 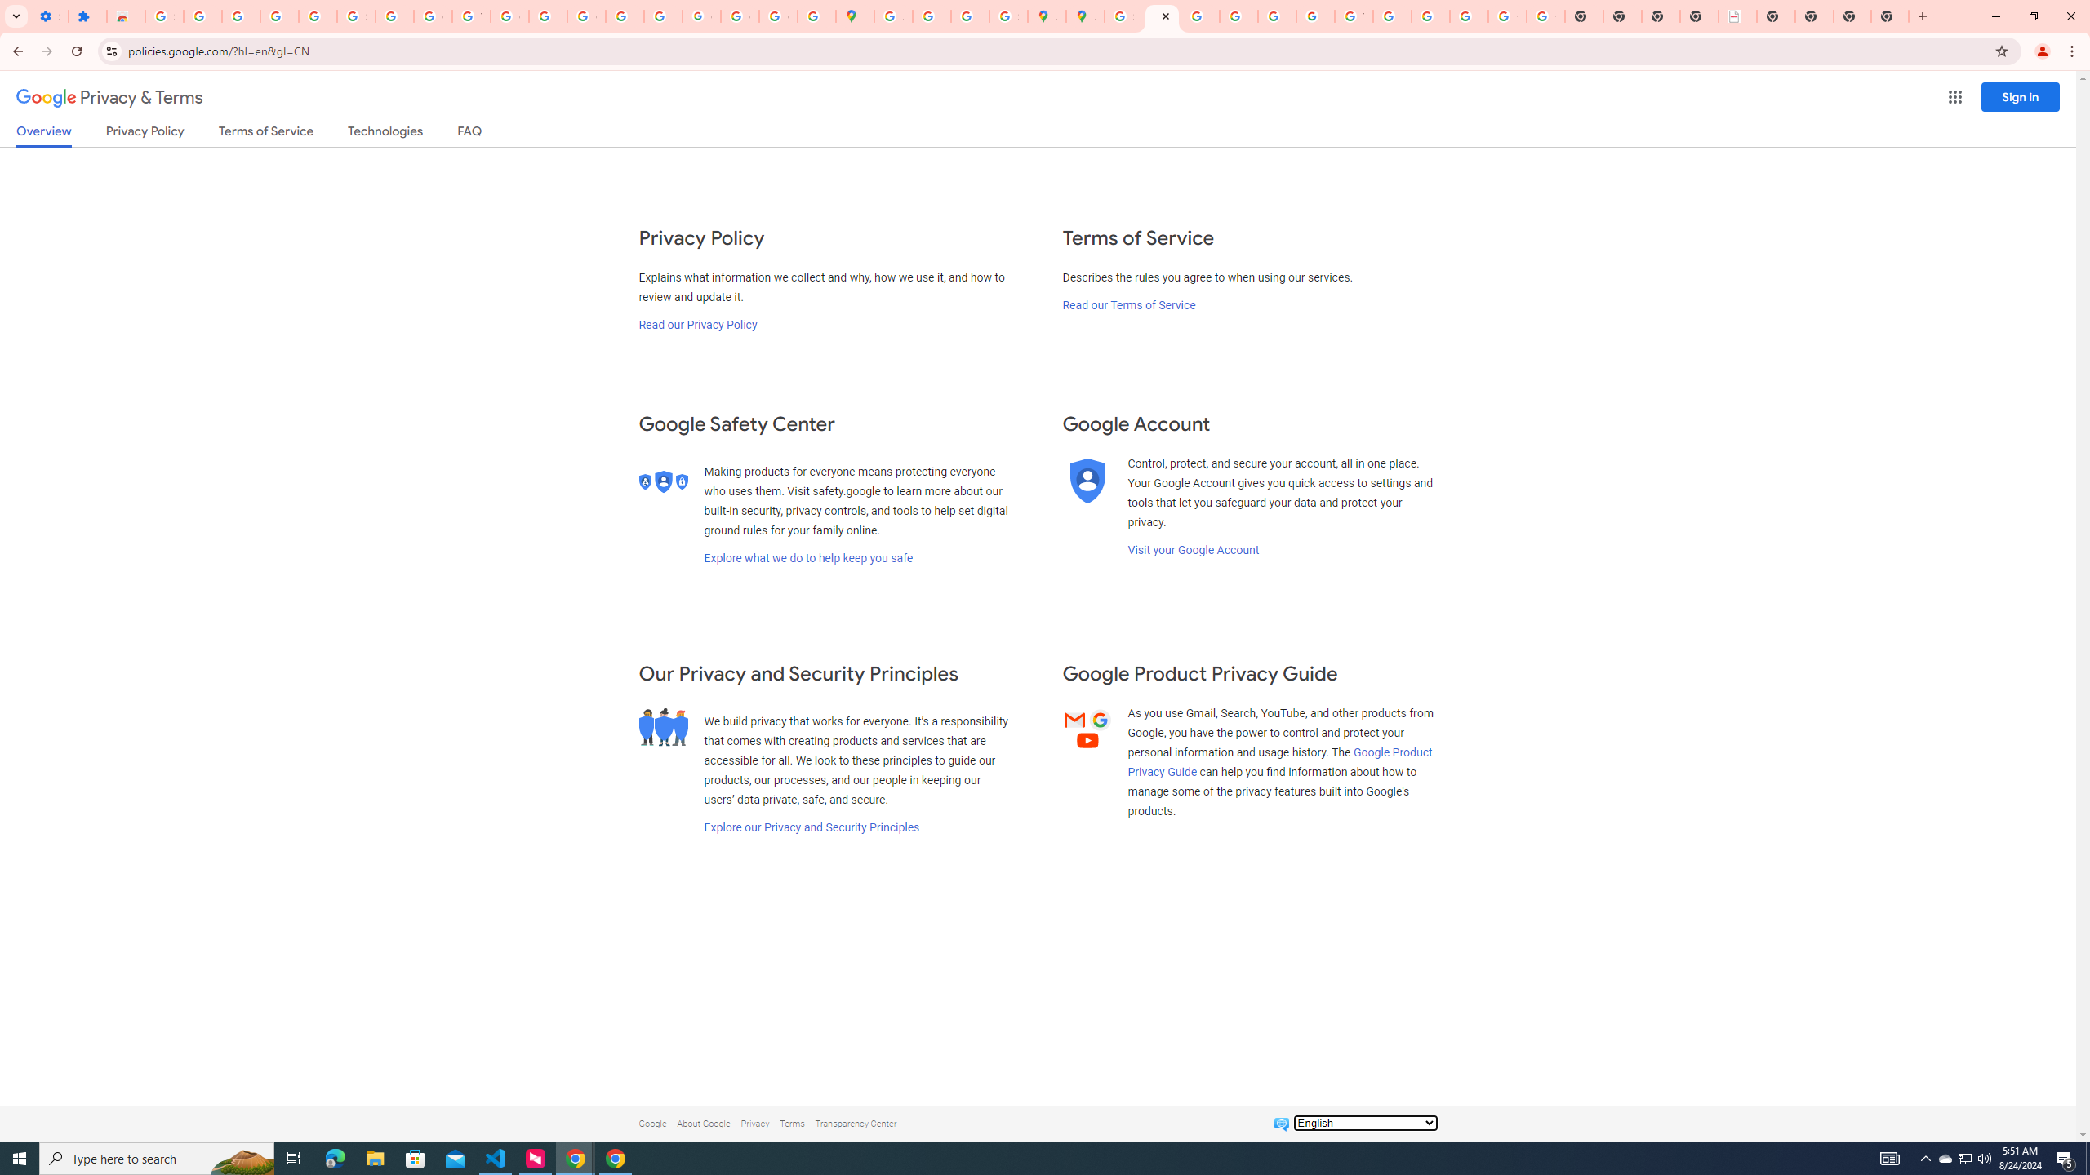 I want to click on 'LAAD Defence & Security 2025 | BAE Systems', so click(x=1736, y=16).